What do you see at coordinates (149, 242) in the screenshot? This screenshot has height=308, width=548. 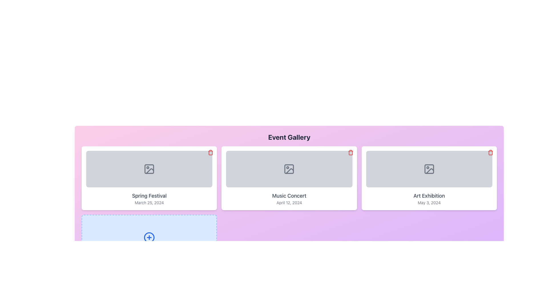 I see `the 'Add Event' button, which is a rectangular interface with a light blue background, rounded corners, a dashed border, and a blue circle with a plus icon in the middle, located directly under the 'Spring Festival, March 25, 2024' event card` at bounding box center [149, 242].